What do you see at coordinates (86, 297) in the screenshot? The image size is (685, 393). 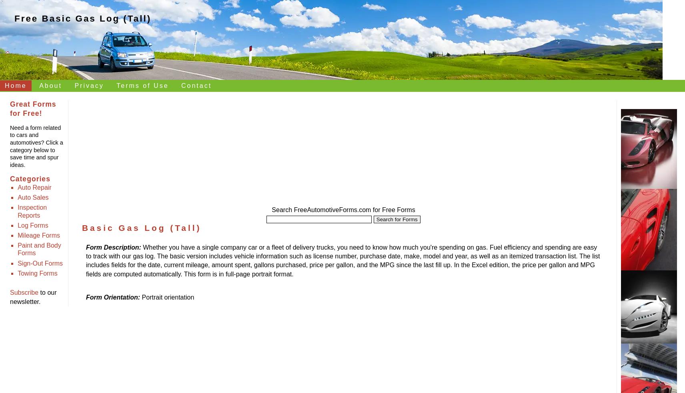 I see `'Form Orientation:'` at bounding box center [86, 297].